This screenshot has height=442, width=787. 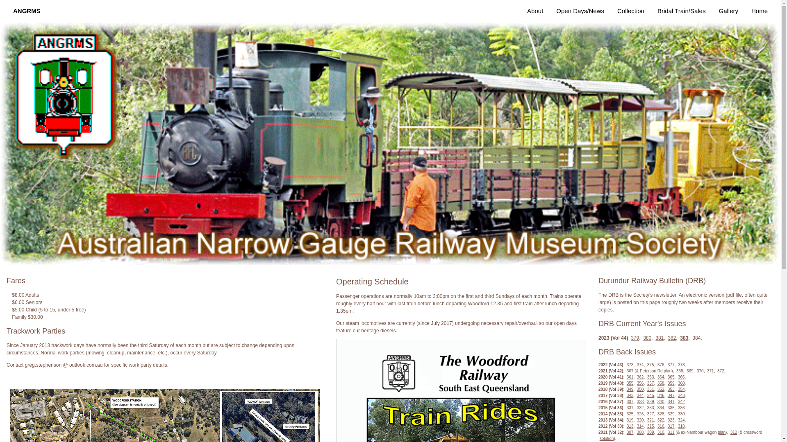 What do you see at coordinates (671, 395) in the screenshot?
I see `'347'` at bounding box center [671, 395].